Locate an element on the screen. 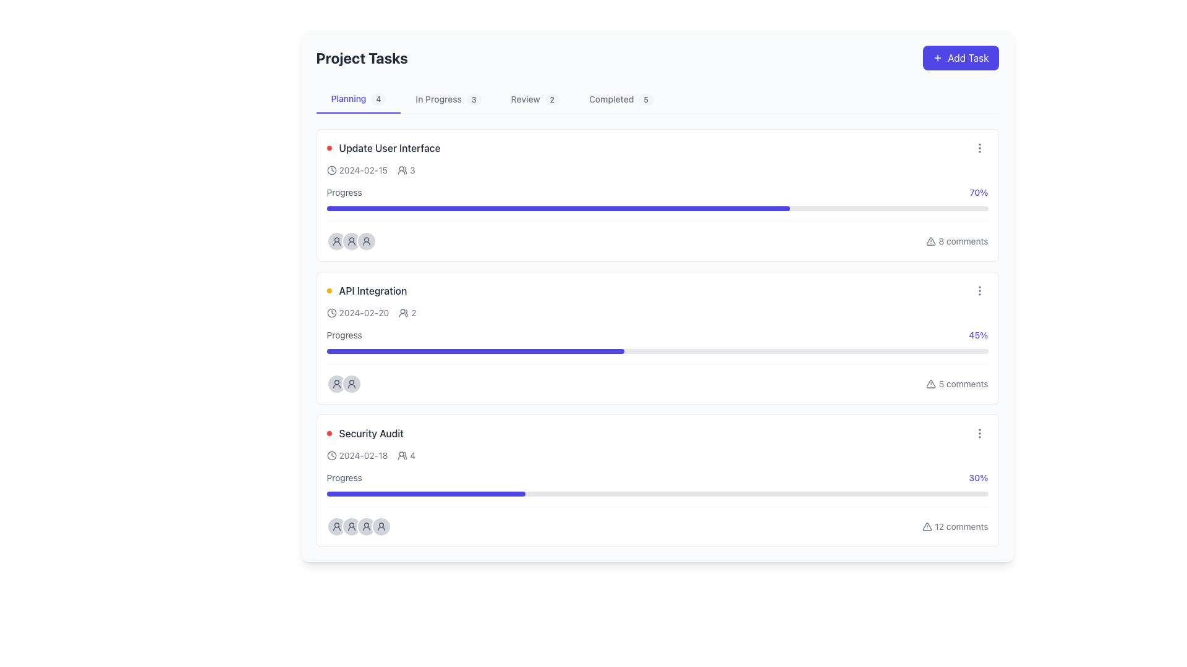  static text label 'API Integration' located under the 'Planning' tab in the 'Project Tasks' section, which is part of the second task card in vertical order is located at coordinates (372, 290).